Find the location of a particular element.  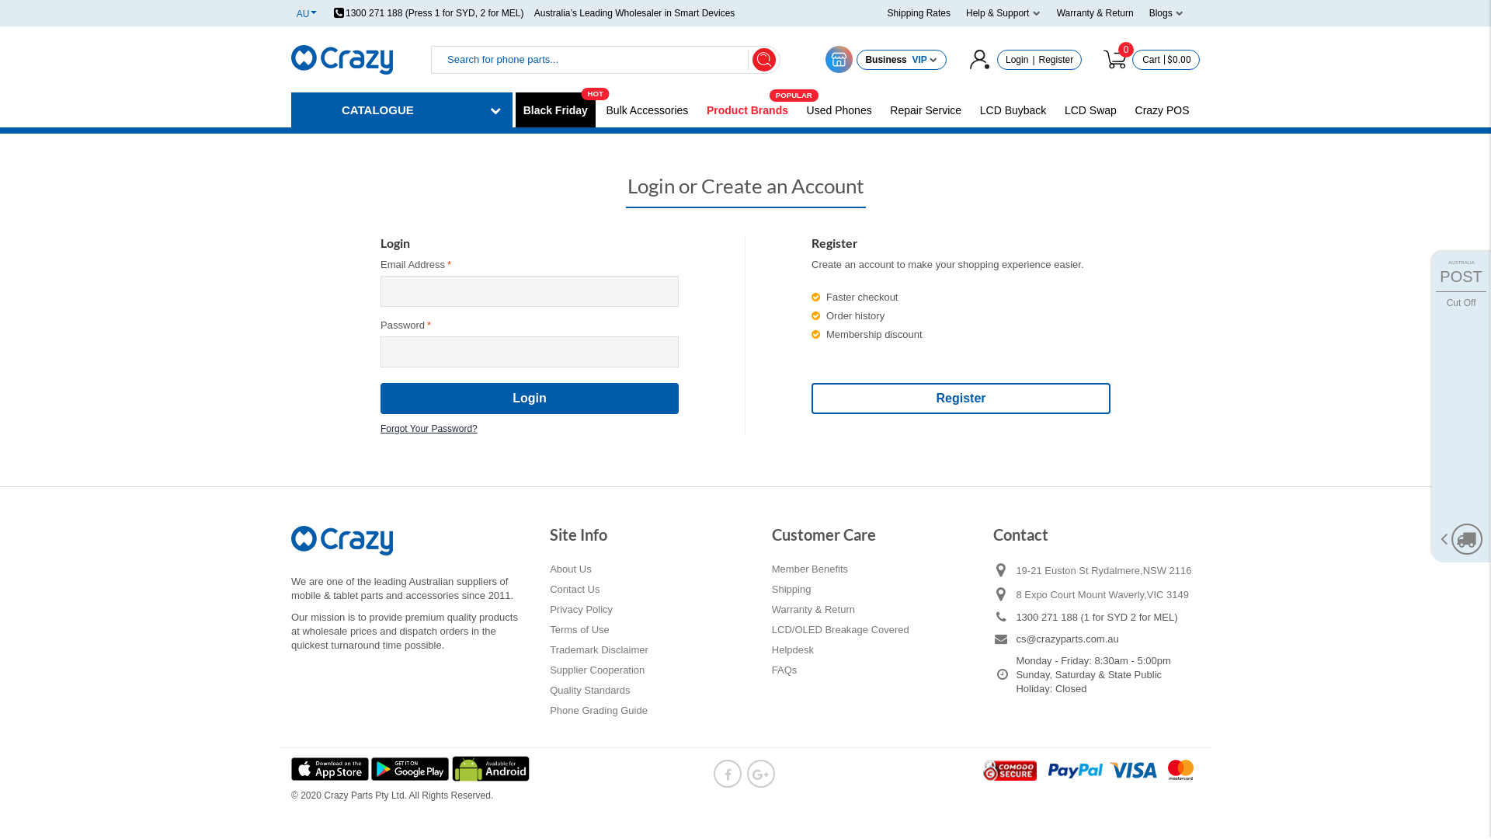

'FAQs' is located at coordinates (784, 670).